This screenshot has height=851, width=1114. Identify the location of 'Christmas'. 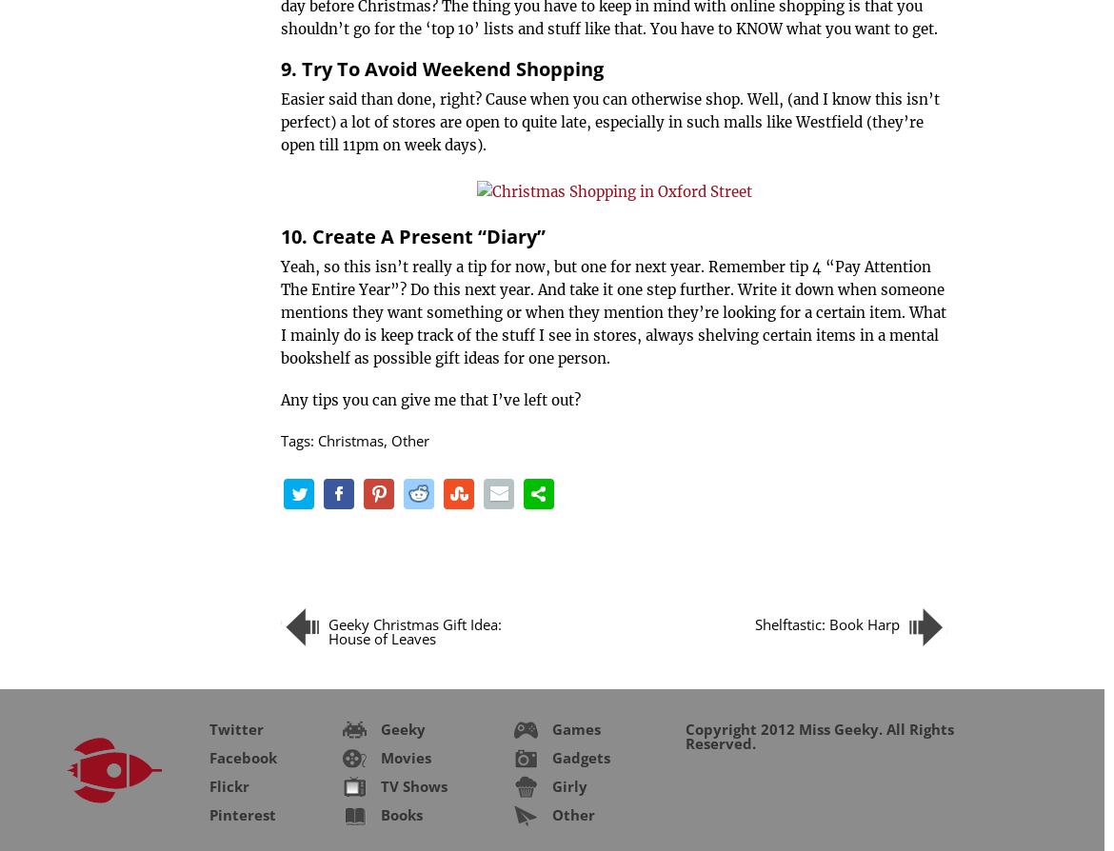
(317, 441).